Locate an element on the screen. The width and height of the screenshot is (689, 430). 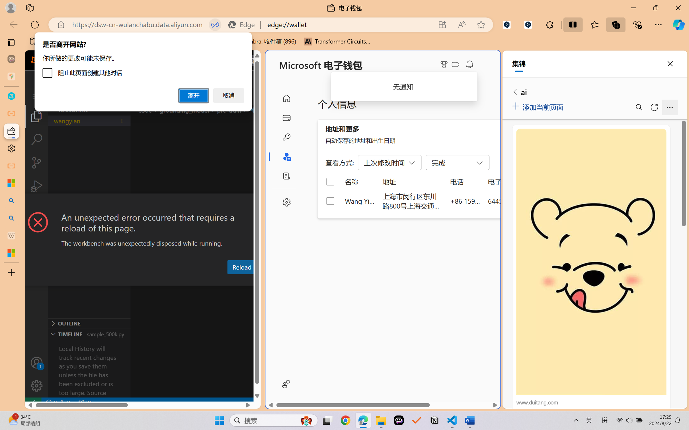
'Class: ___1lmltc5 f1agt3bx f12qytpq' is located at coordinates (455, 65).